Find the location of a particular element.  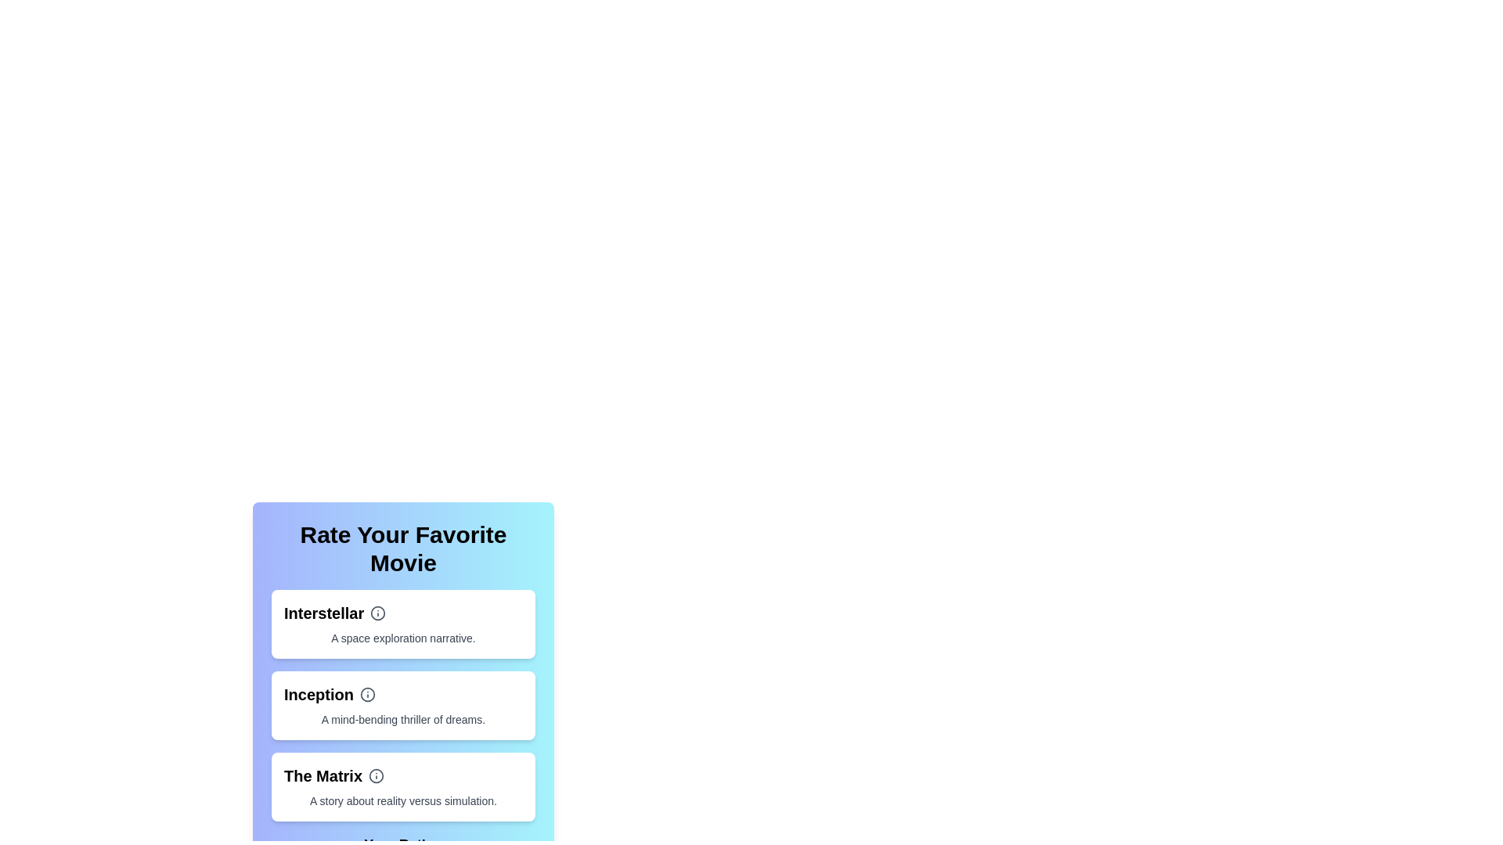

the circular gray button with an information icon located to the right of 'The Matrix' is located at coordinates (376, 775).